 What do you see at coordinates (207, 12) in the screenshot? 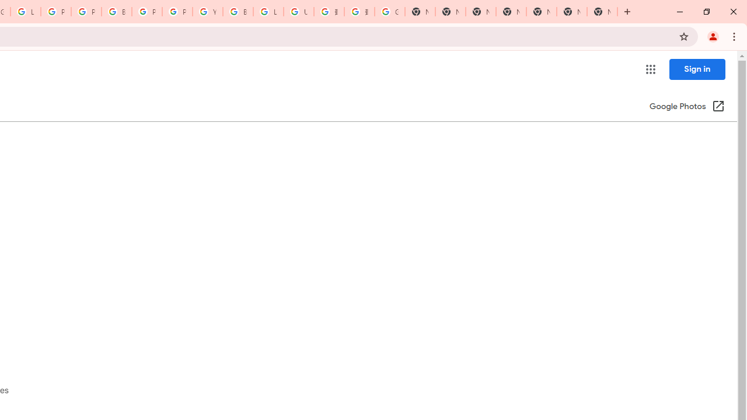
I see `'YouTube'` at bounding box center [207, 12].